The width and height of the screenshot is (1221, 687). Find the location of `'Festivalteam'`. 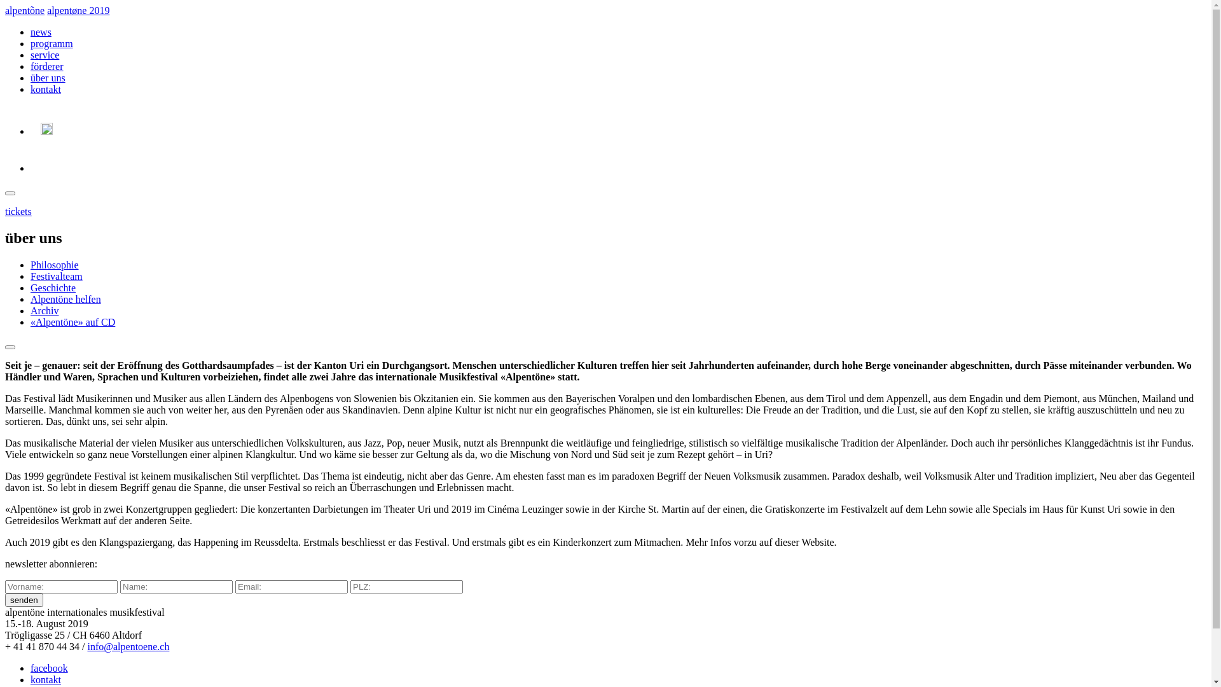

'Festivalteam' is located at coordinates (56, 275).